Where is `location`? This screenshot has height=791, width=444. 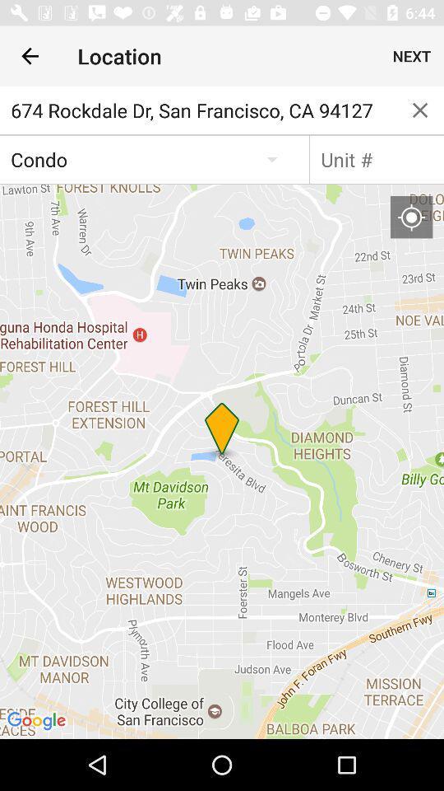 location is located at coordinates (410, 216).